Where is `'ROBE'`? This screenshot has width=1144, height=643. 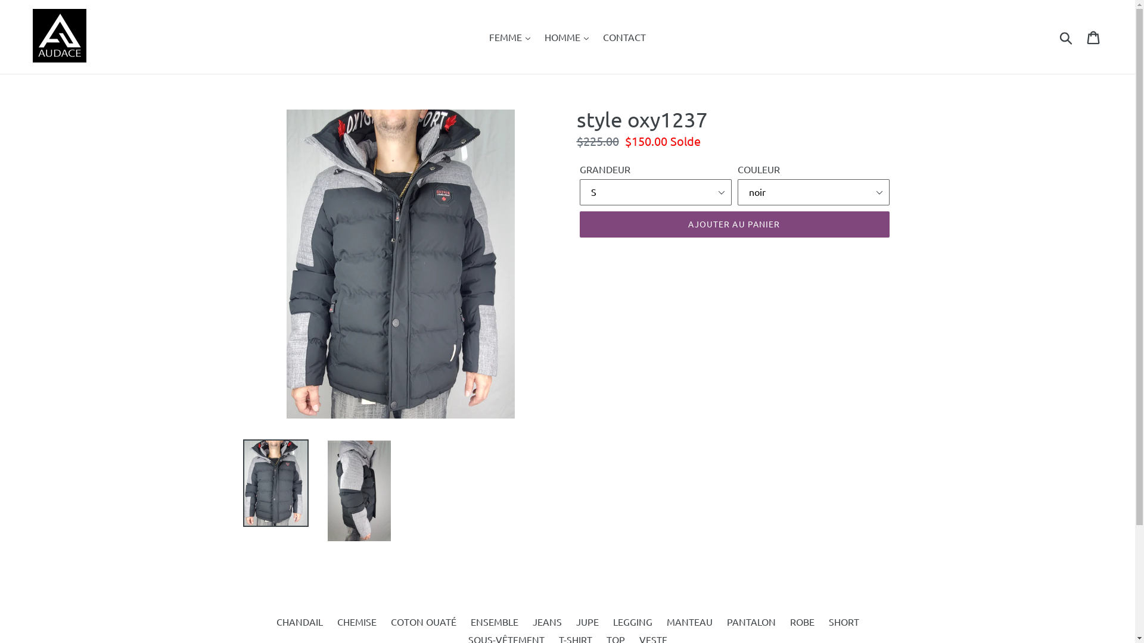
'ROBE' is located at coordinates (789, 621).